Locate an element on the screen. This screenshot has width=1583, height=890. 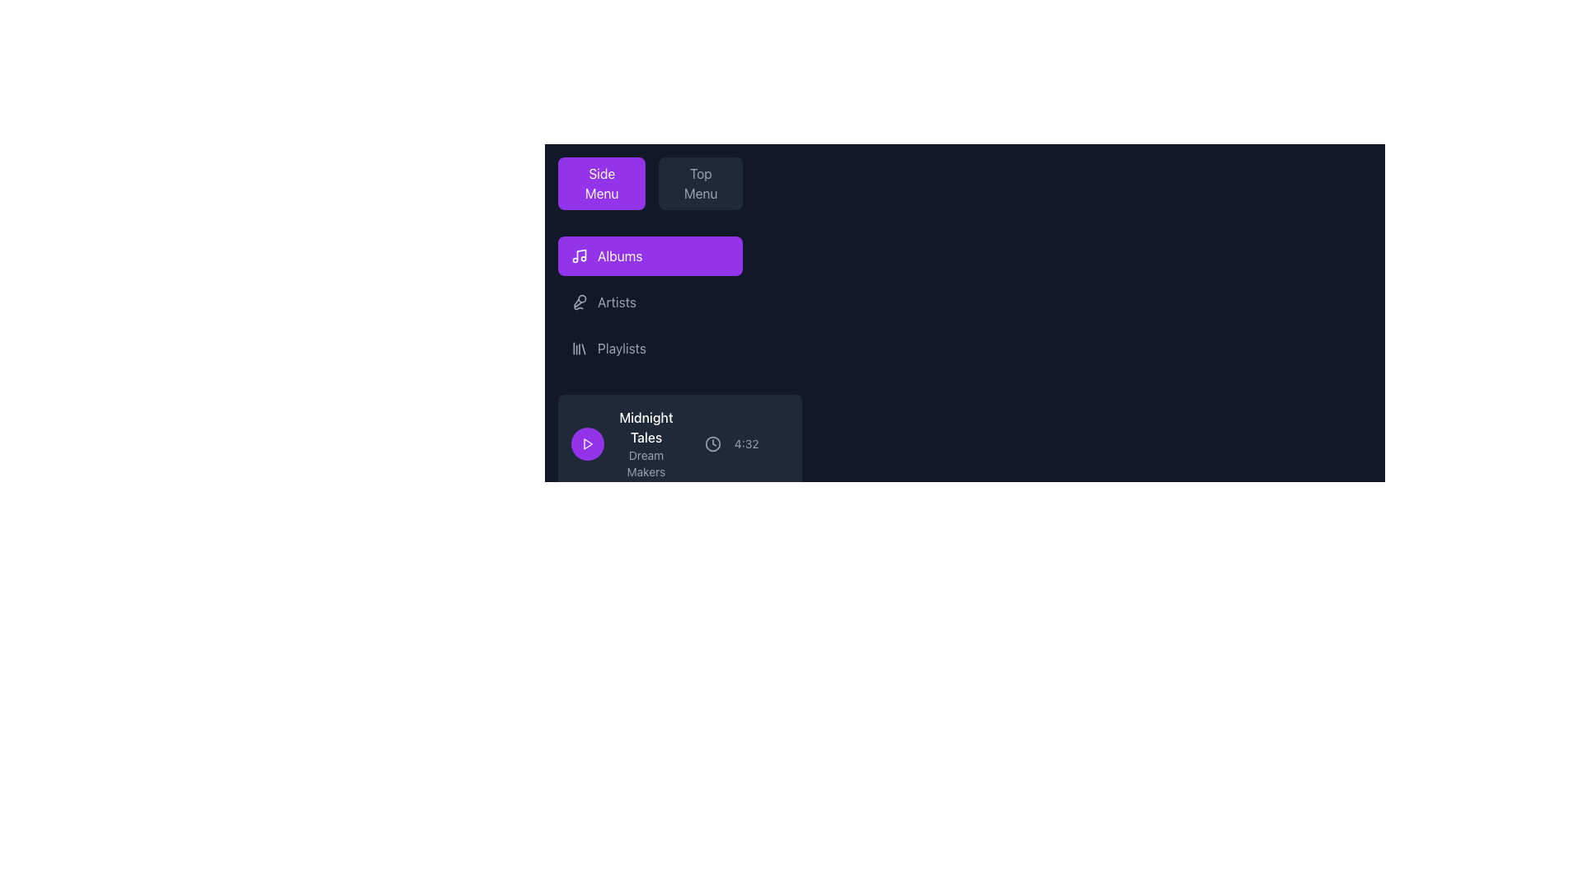
the Text Label that serves as the title and subtitle display for an audio item, located to the right of the purple round play button and to the left of the timestamp is located at coordinates (622, 443).